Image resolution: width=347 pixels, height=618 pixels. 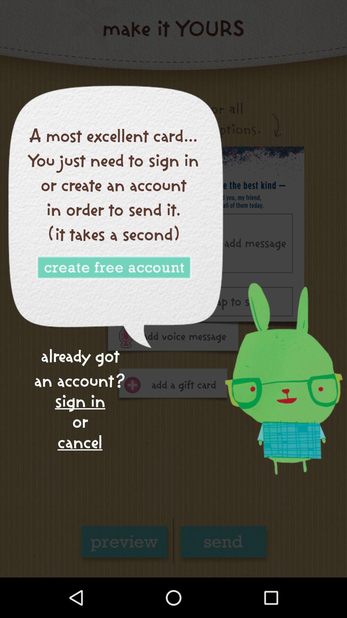 I want to click on app below the sign in, so click(x=80, y=442).